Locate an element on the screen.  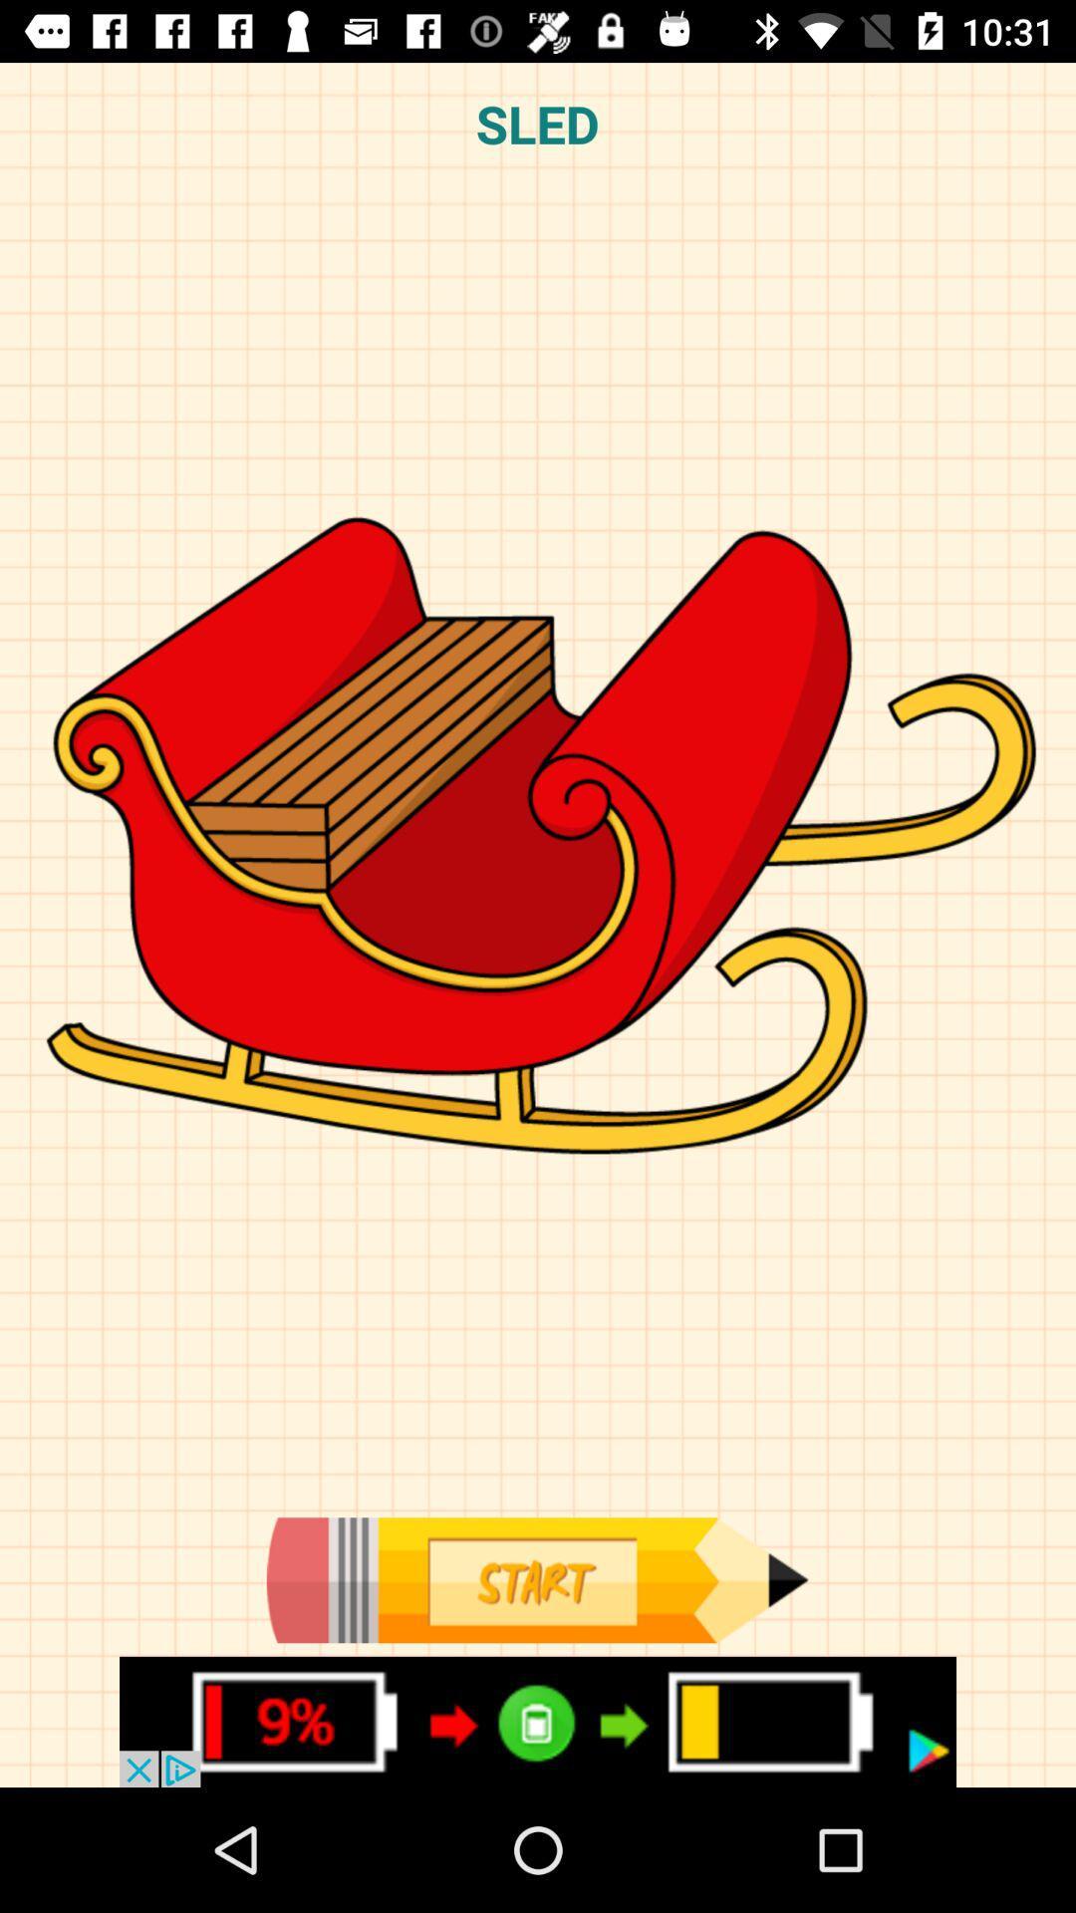
battery power is located at coordinates (538, 1721).